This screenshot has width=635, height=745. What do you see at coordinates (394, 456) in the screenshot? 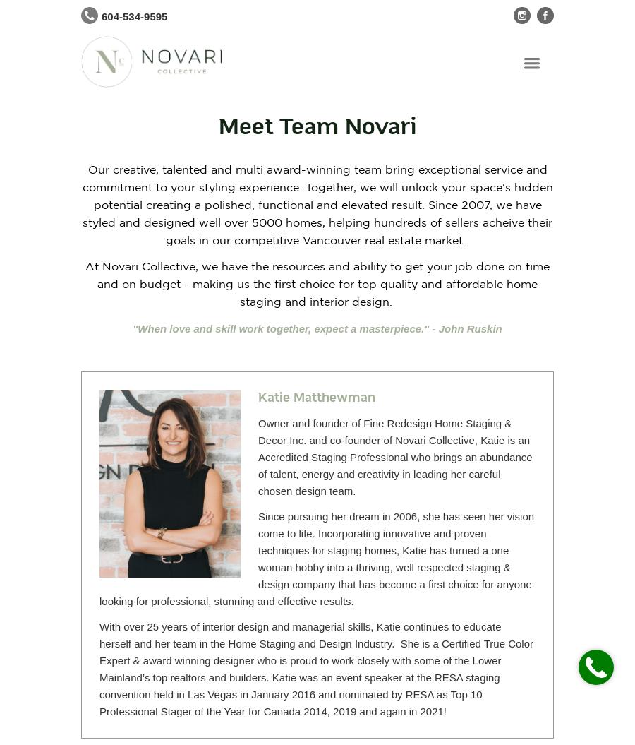
I see `'Owner and founder of Fine Redesign Home Staging & Decor Inc. and co-founder of Novari Collective, Katie is an Accredited Staging Professional who brings an abundance of talent, energy and creativity in leading her careful chosen design team.'` at bounding box center [394, 456].